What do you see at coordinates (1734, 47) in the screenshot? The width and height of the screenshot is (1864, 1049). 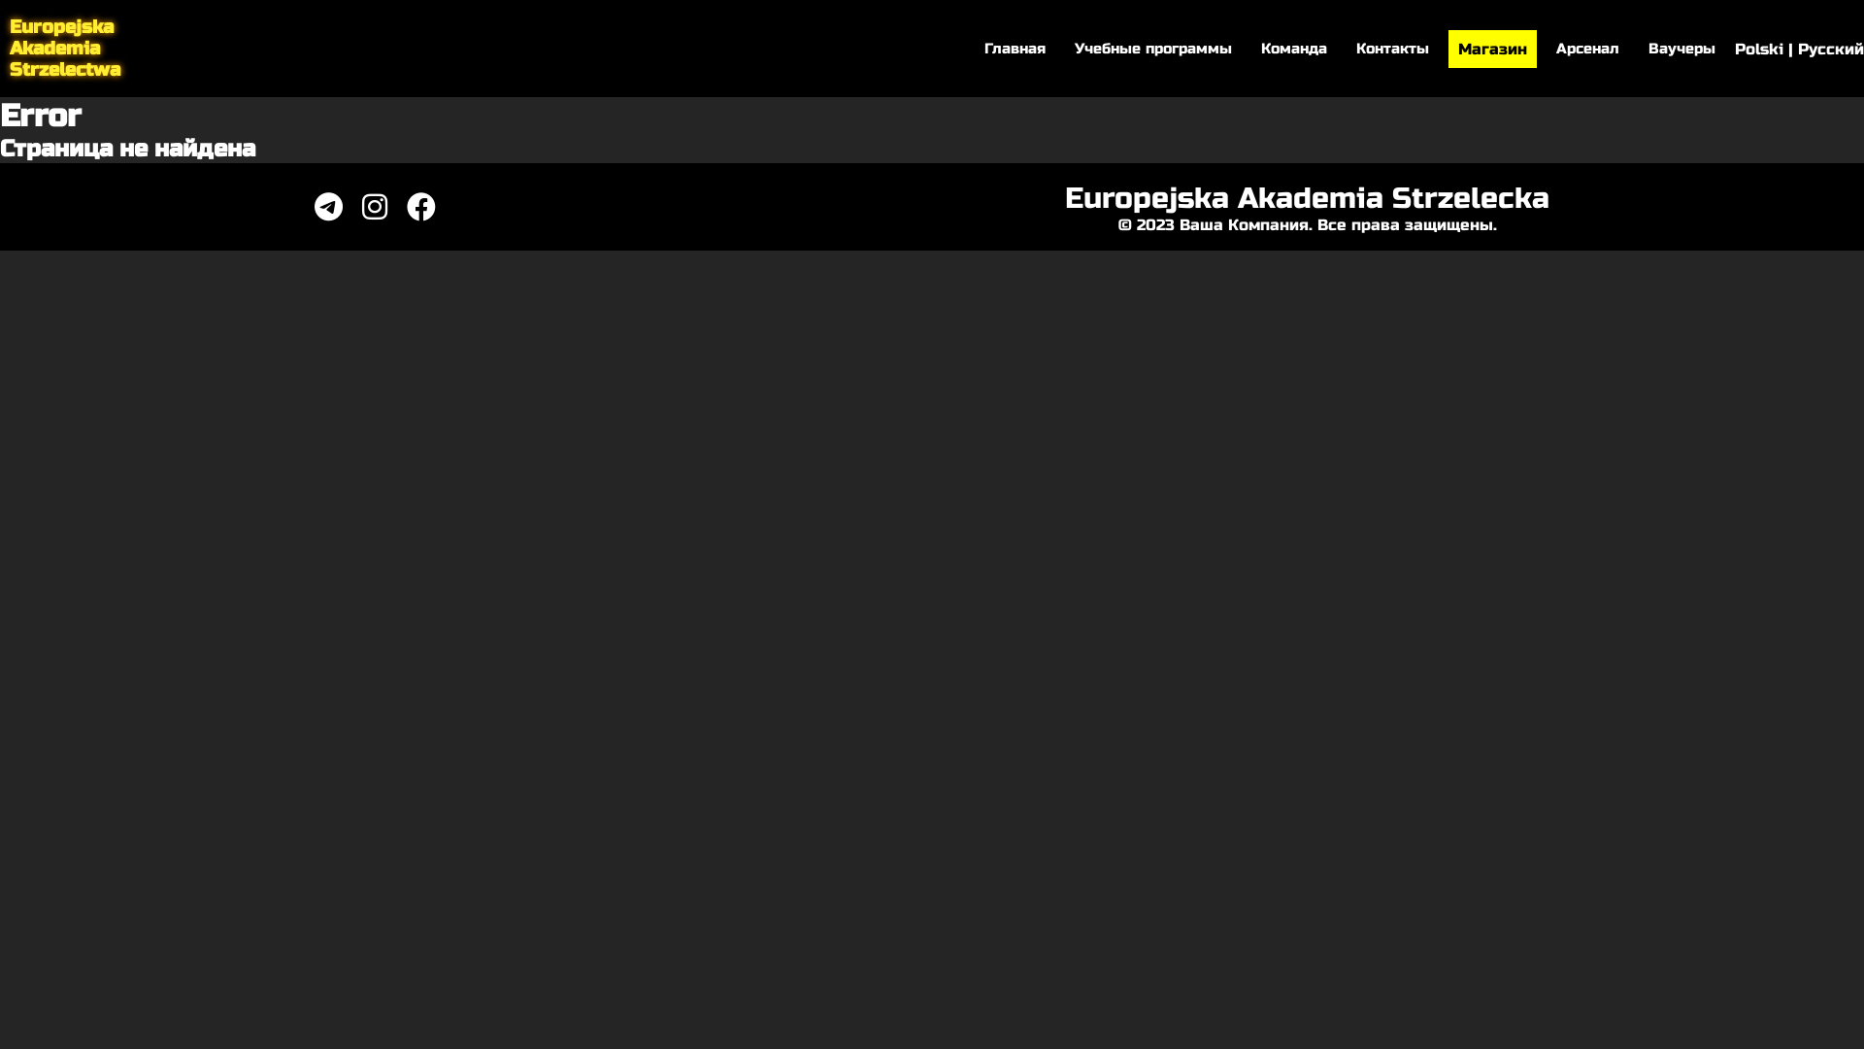 I see `'Polski'` at bounding box center [1734, 47].